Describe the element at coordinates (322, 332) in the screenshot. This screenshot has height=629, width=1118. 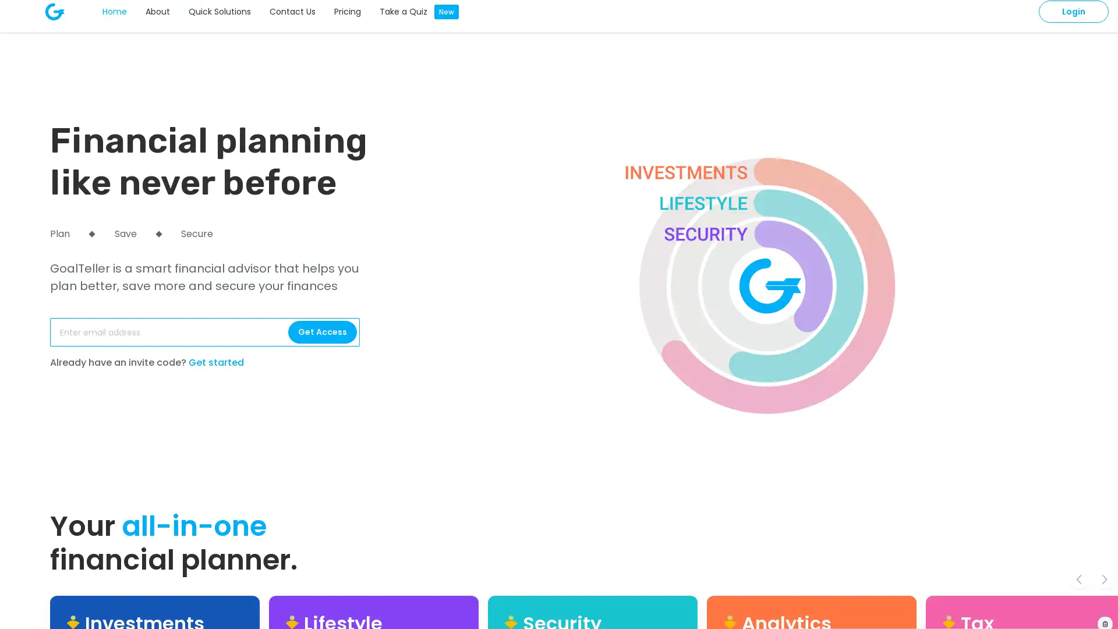
I see `Get Access` at that location.